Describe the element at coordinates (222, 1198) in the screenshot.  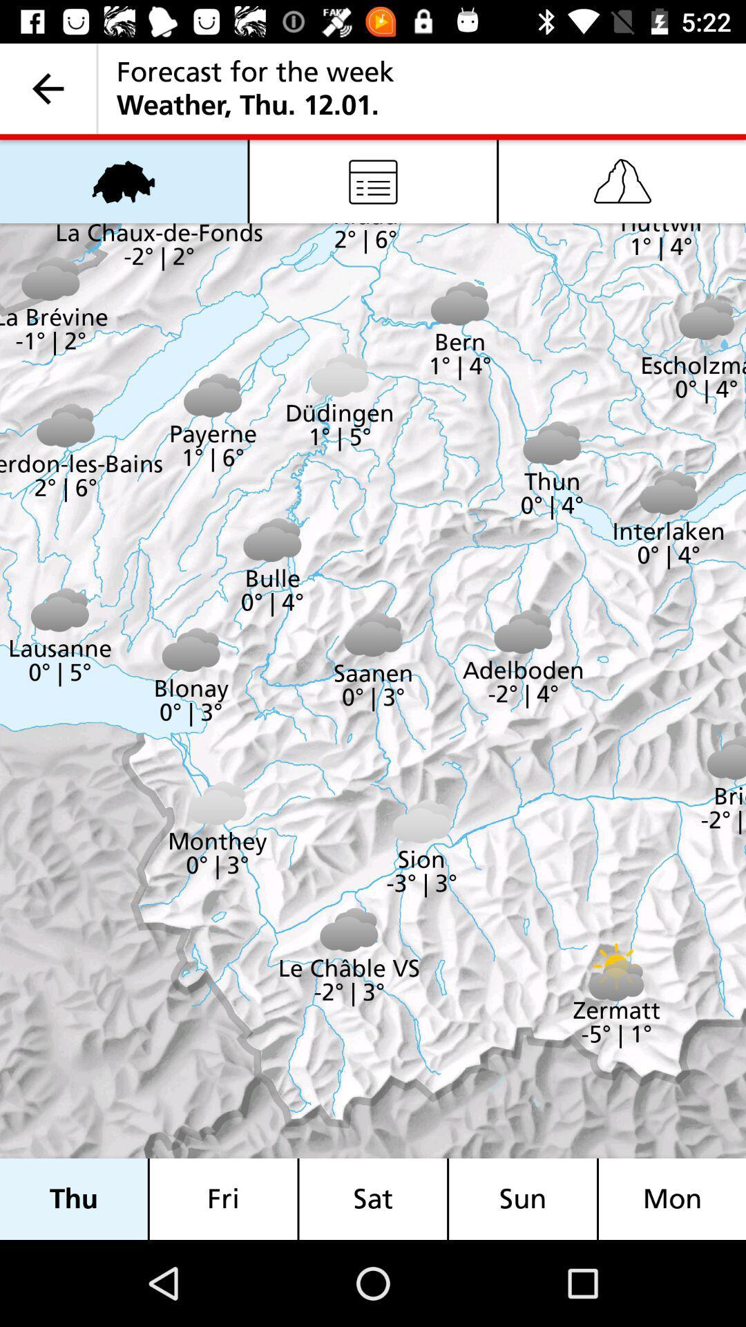
I see `fri icon` at that location.